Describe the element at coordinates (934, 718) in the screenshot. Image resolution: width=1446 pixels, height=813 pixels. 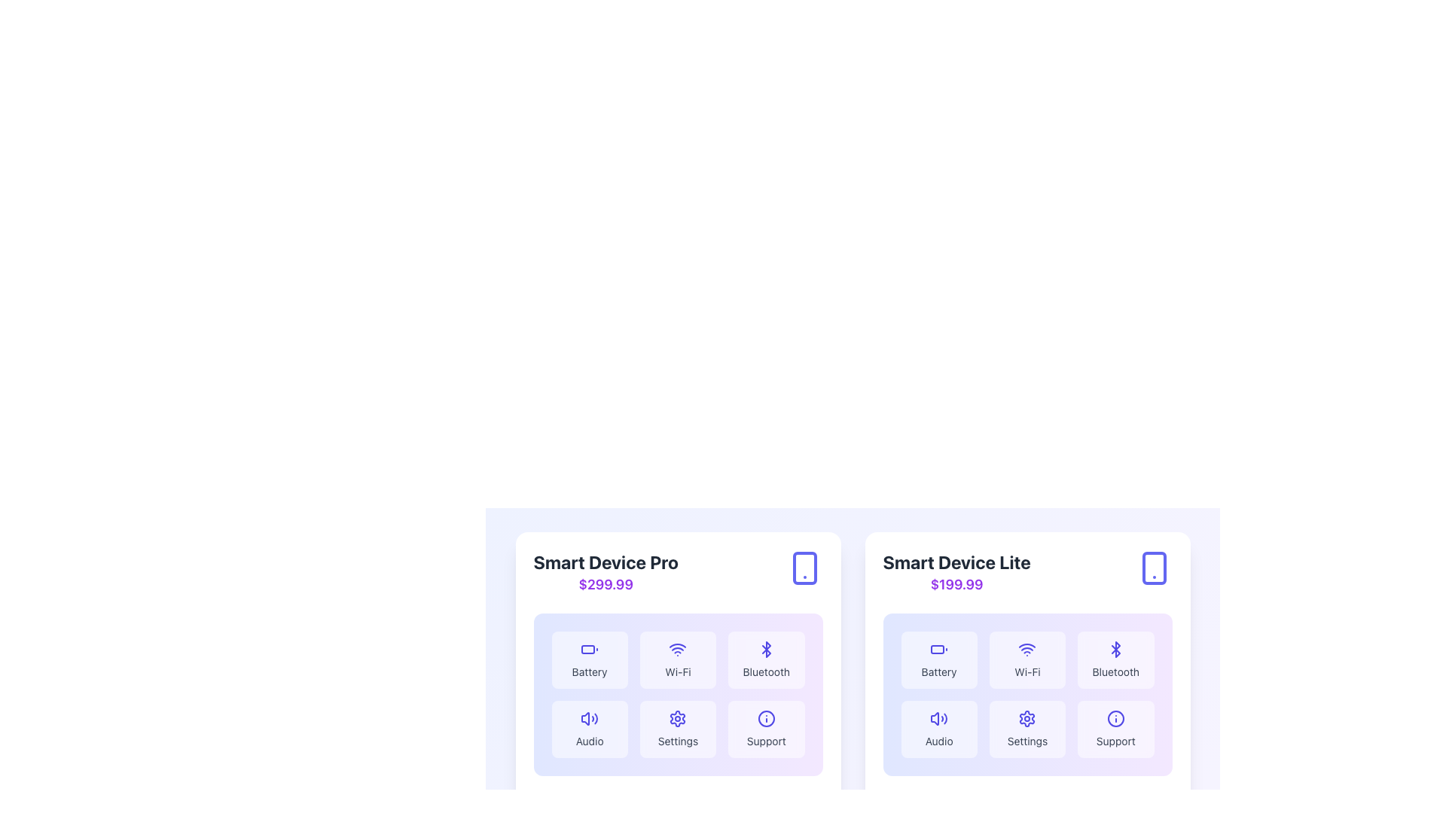
I see `the leftmost graphical icon component of the speaker in the audio control interface, which visually represents the speaker's functionality` at that location.